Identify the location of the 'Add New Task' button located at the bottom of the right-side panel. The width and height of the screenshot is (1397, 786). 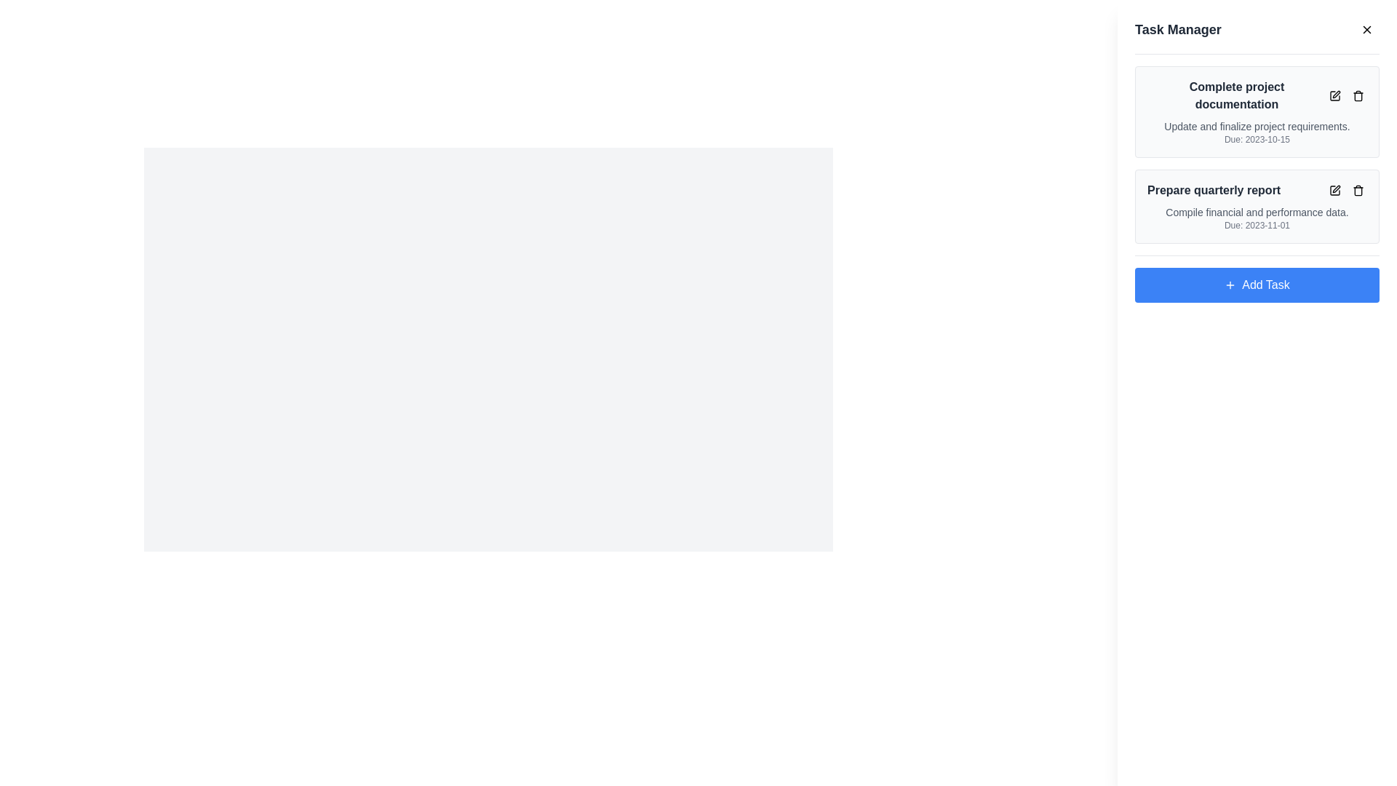
(1257, 285).